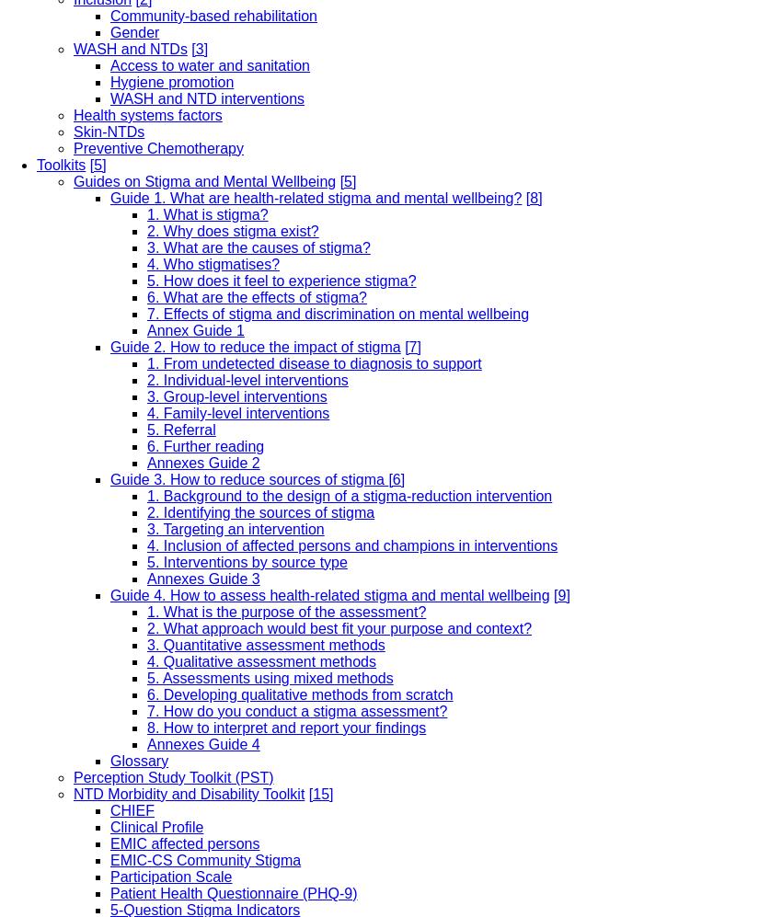  Describe the element at coordinates (286, 726) in the screenshot. I see `'8. How to interpret and report your findings'` at that location.